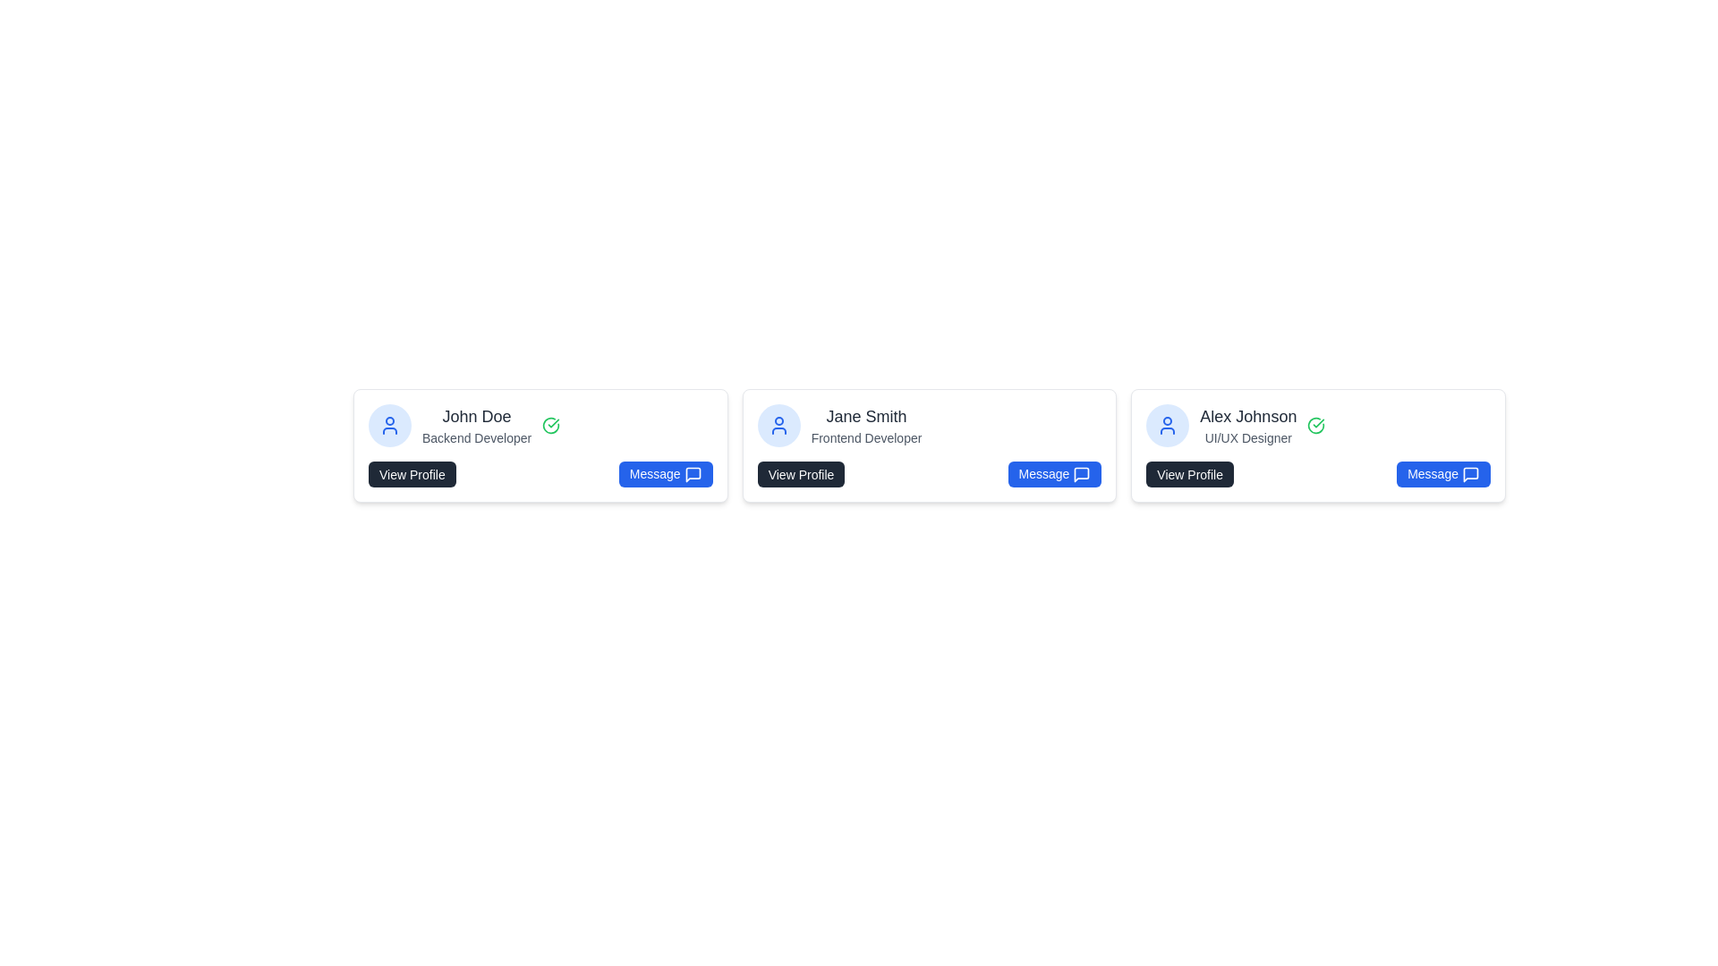 This screenshot has height=966, width=1718. Describe the element at coordinates (411, 473) in the screenshot. I see `the 'View Profile' button, which is a rectangular button with rounded corners and a dark gray background, containing the white text 'View Profile' centered within it, located on the left side of the user information card for 'John Doe, Backend Developer'` at that location.